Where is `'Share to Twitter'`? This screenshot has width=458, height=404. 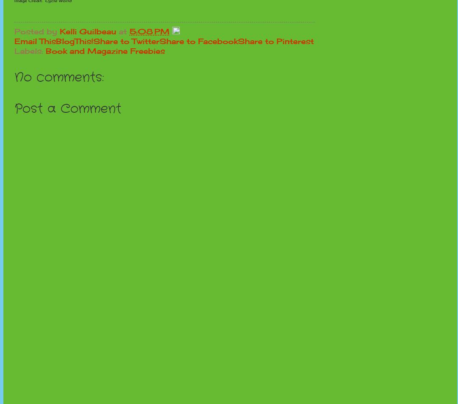
'Share to Twitter' is located at coordinates (126, 41).